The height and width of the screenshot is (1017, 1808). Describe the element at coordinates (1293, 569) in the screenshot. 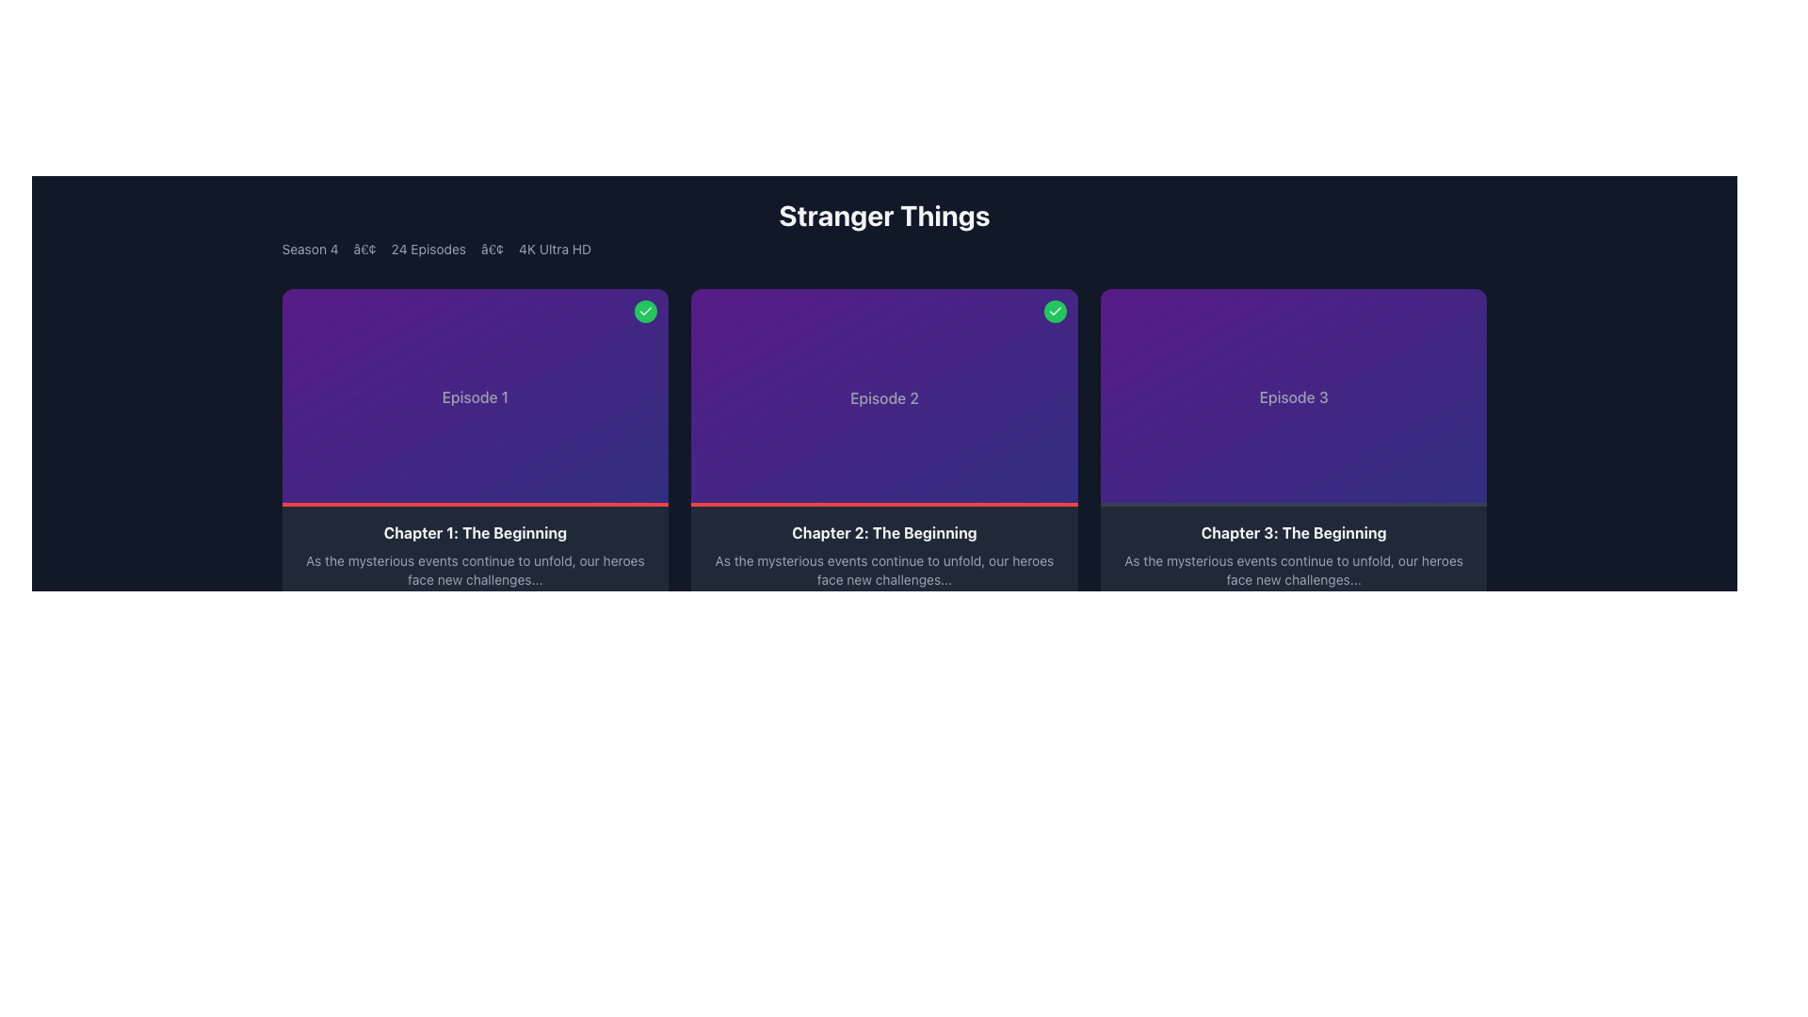

I see `static text component located in the third column of the card layout, positioned below the title 'Chapter 3: The Beginning' and above the runtime indicator '48min' for content insight` at that location.